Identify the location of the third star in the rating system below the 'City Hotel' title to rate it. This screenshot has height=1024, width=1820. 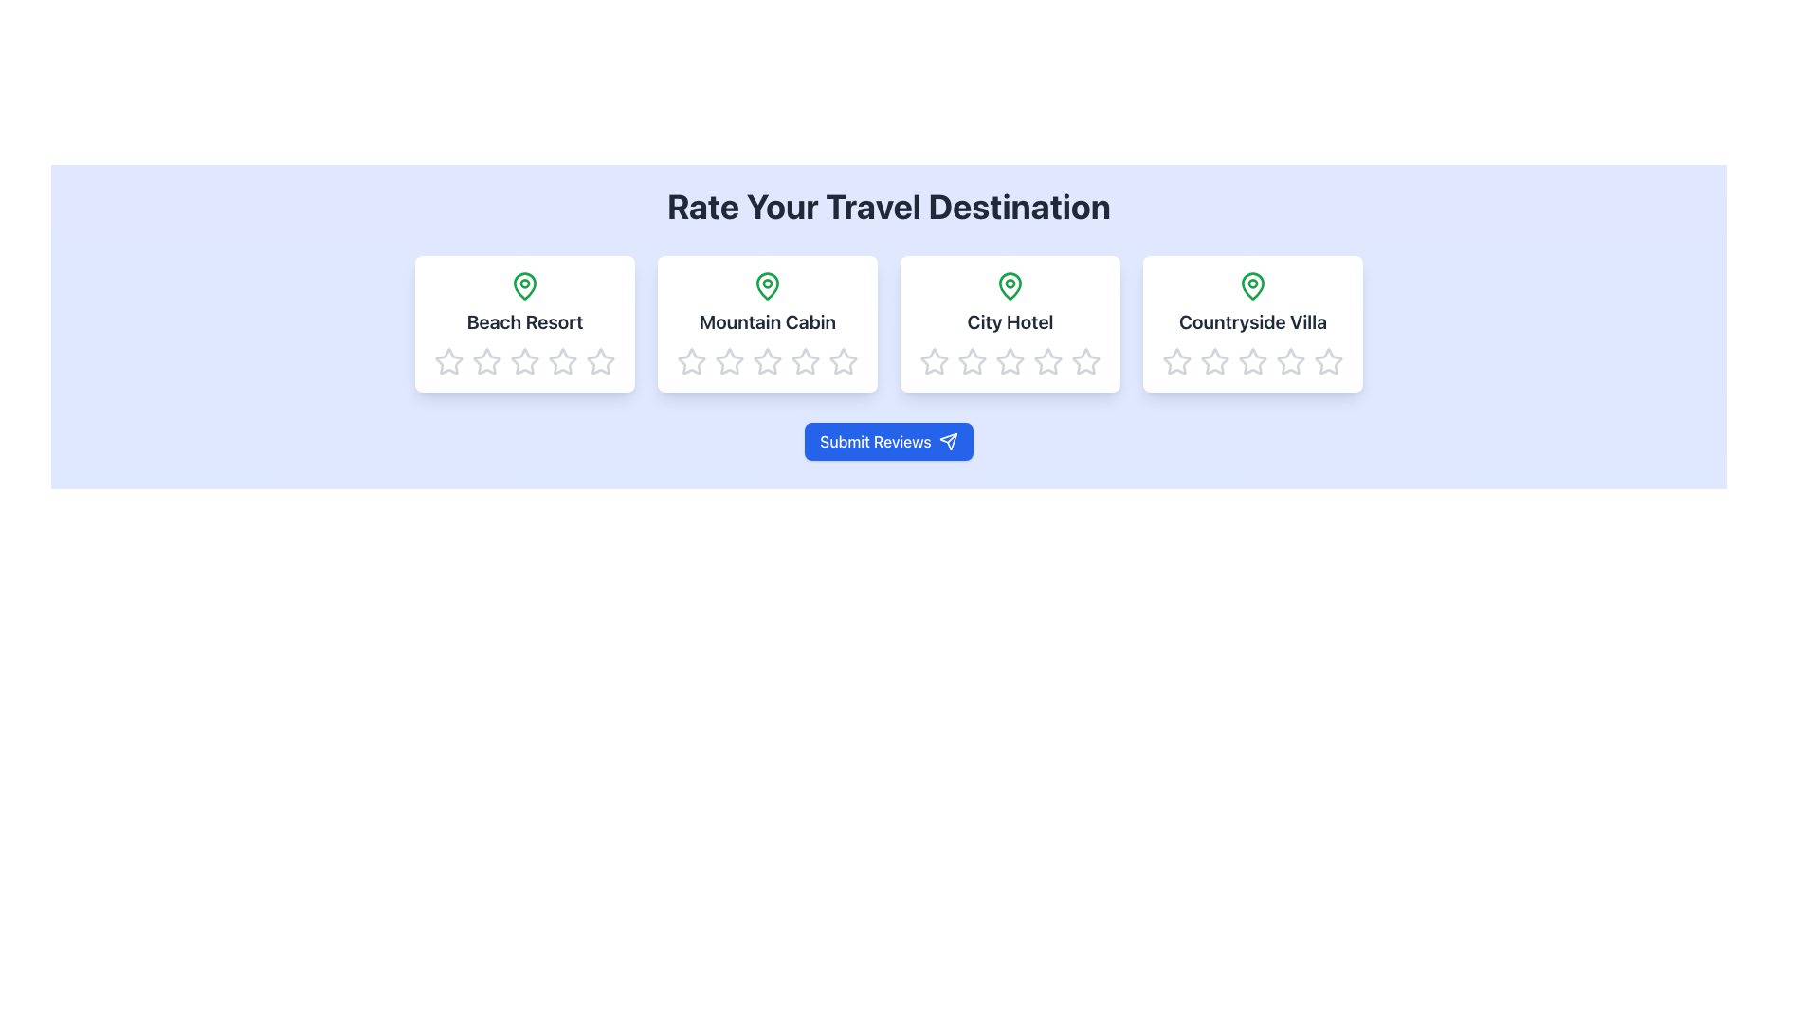
(1046, 361).